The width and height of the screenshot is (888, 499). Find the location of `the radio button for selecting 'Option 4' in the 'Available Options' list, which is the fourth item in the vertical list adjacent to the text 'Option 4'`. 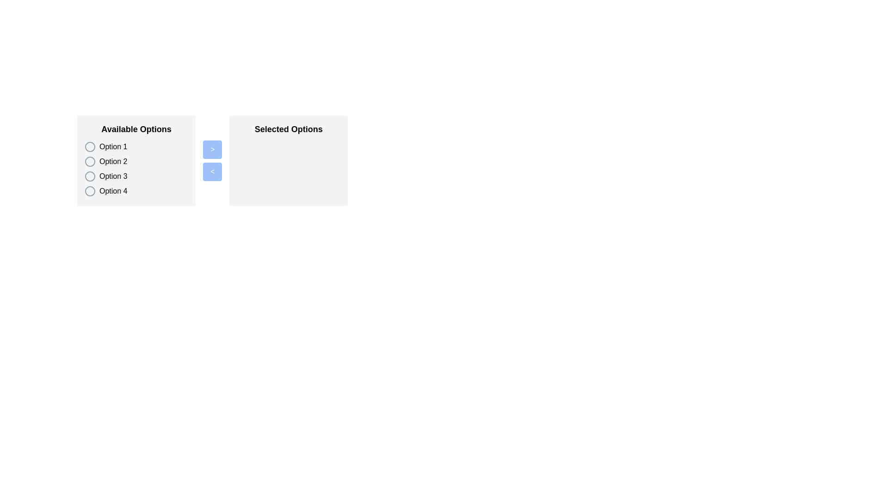

the radio button for selecting 'Option 4' in the 'Available Options' list, which is the fourth item in the vertical list adjacent to the text 'Option 4' is located at coordinates (90, 190).